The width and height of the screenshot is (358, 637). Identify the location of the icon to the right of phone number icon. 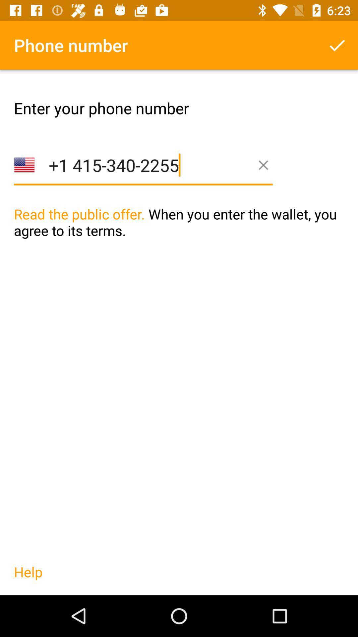
(337, 45).